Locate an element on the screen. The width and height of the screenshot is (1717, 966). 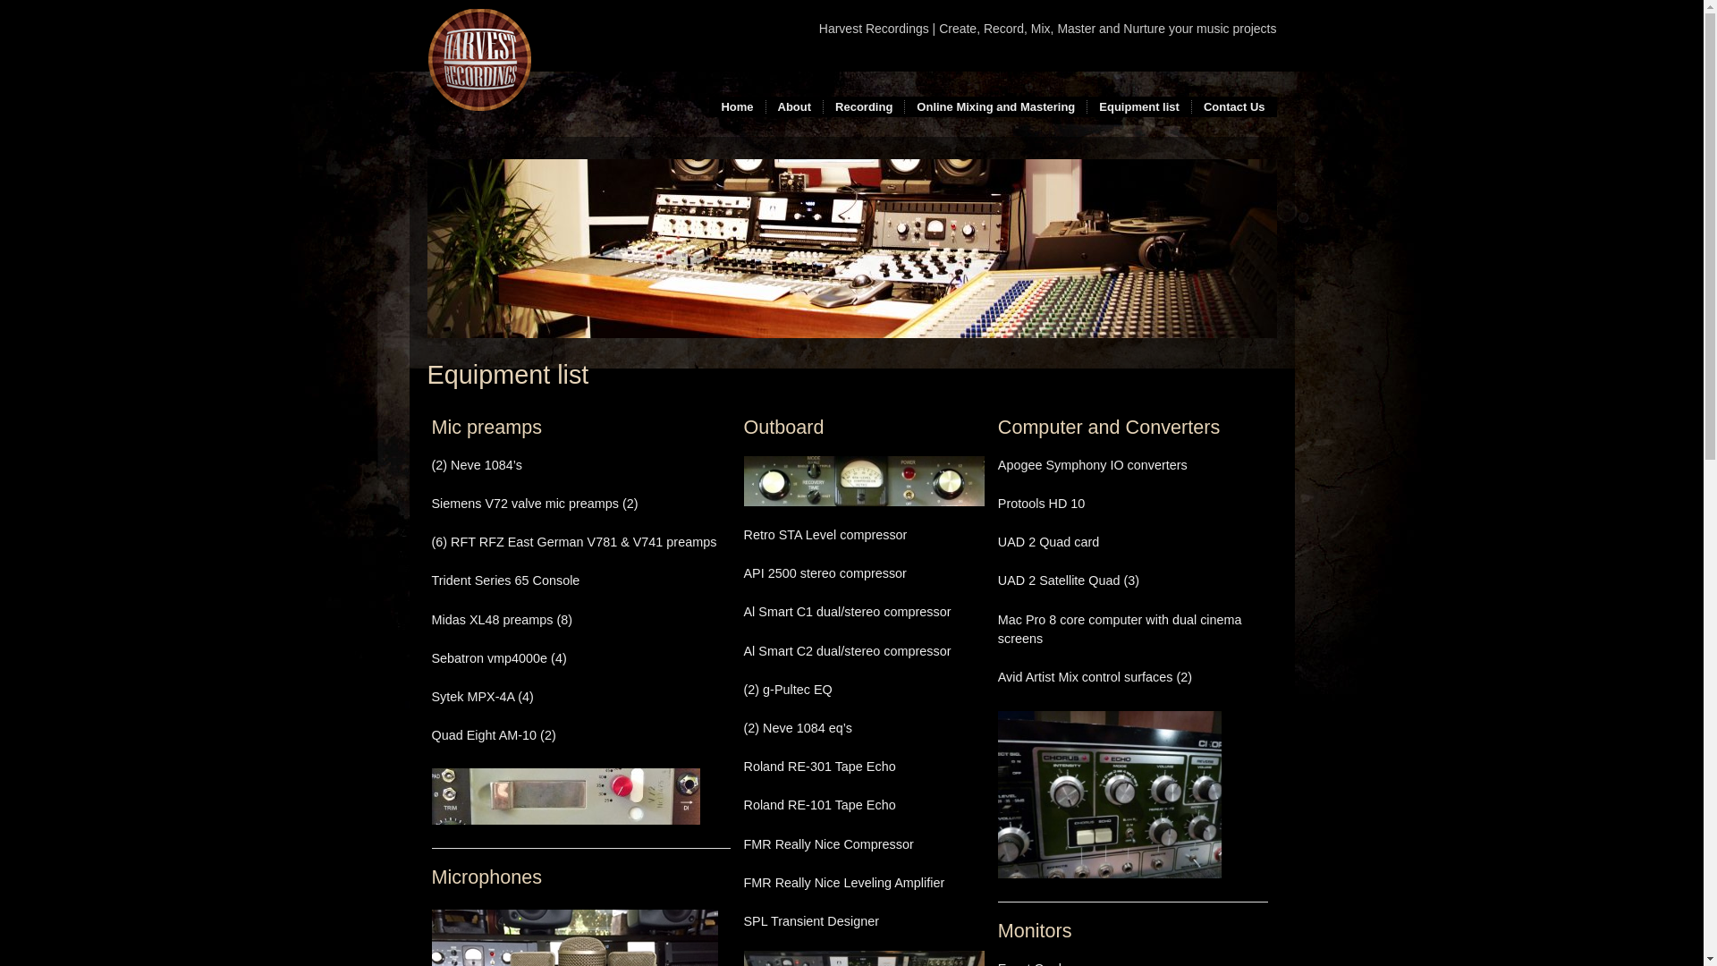
'Online Mixing and Mastering' is located at coordinates (994, 106).